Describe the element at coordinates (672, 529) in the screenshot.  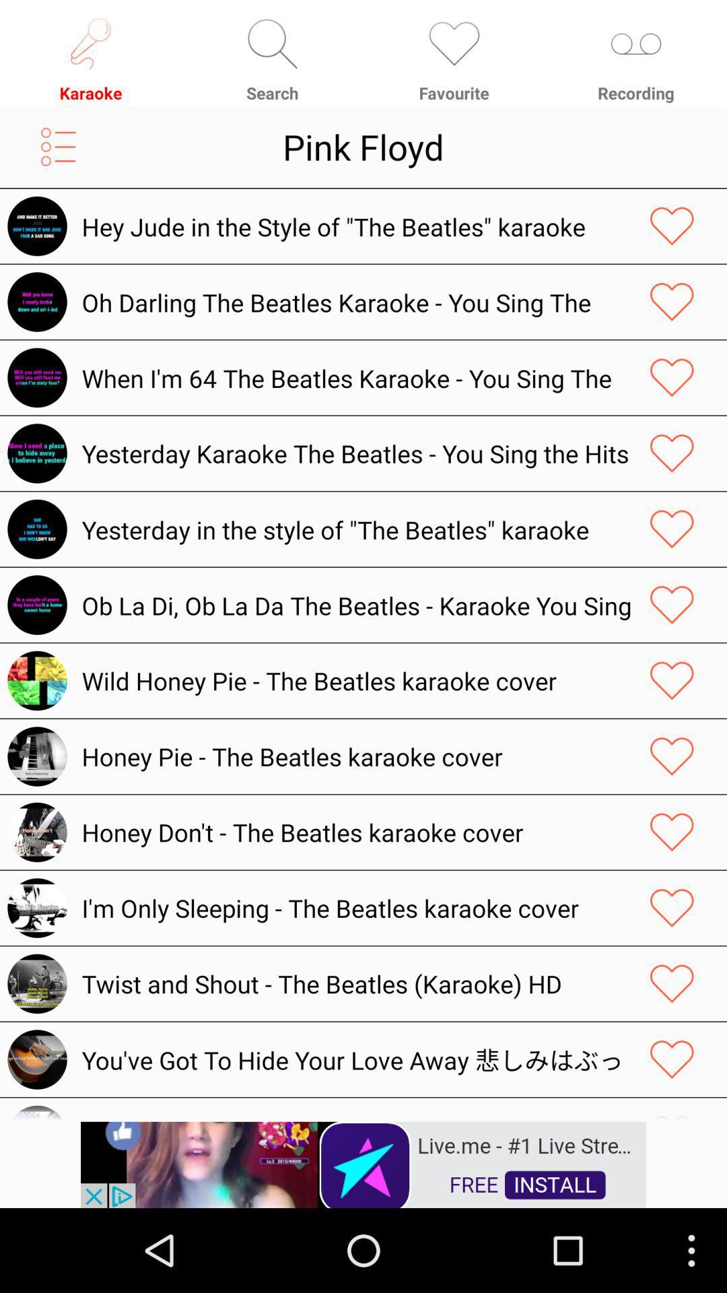
I see `like to music` at that location.